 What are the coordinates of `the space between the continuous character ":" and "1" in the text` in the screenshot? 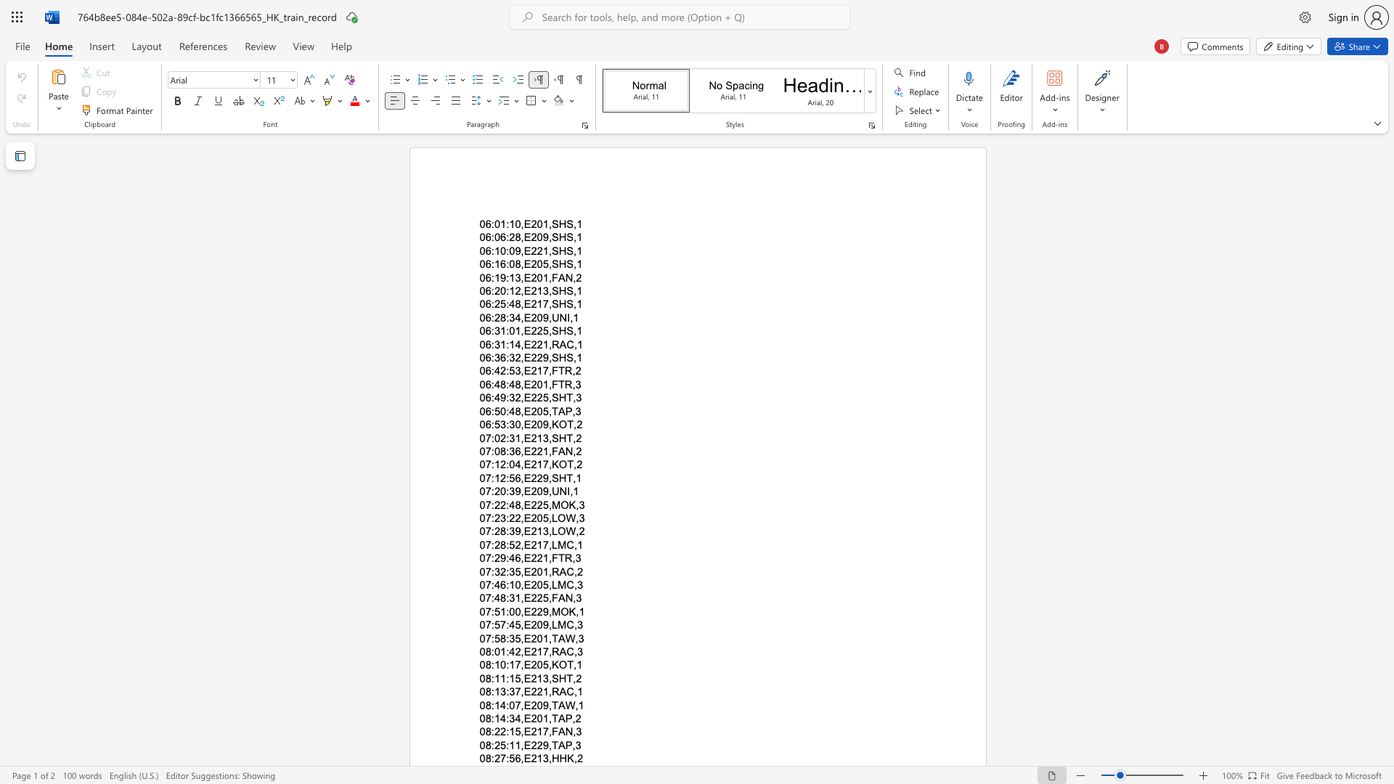 It's located at (494, 478).